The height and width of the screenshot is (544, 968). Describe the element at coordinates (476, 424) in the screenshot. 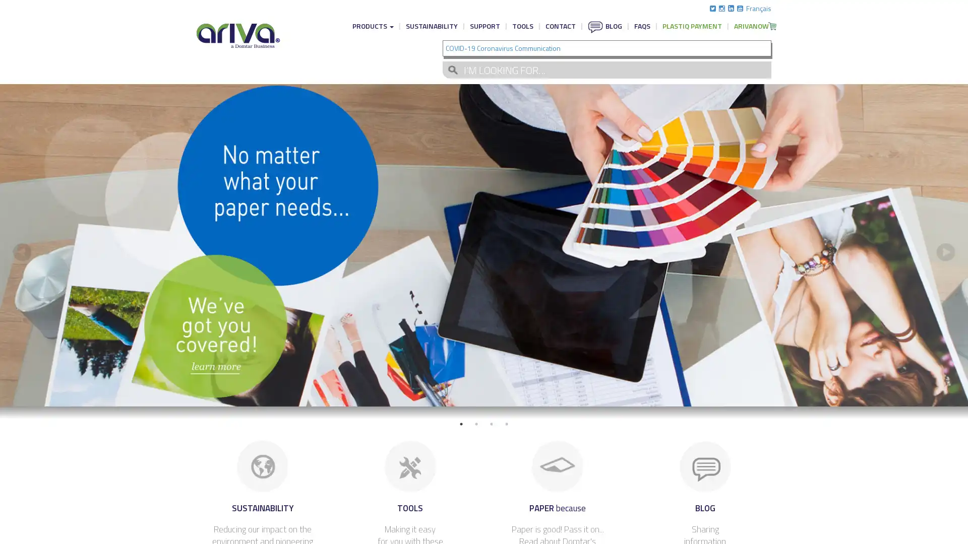

I see `2` at that location.